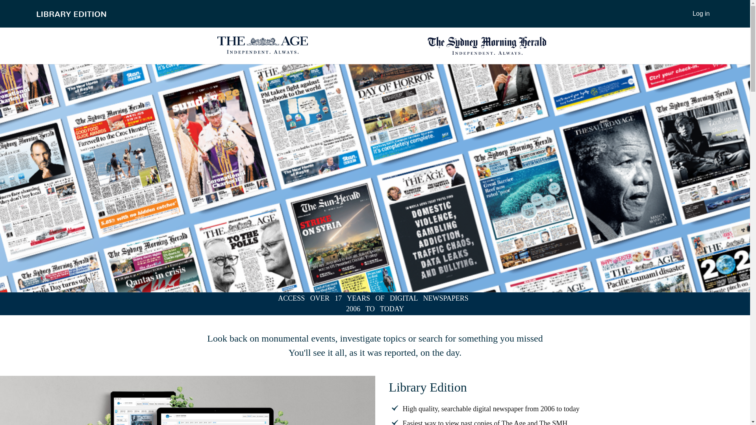 This screenshot has height=425, width=756. I want to click on 'Log in', so click(701, 13).